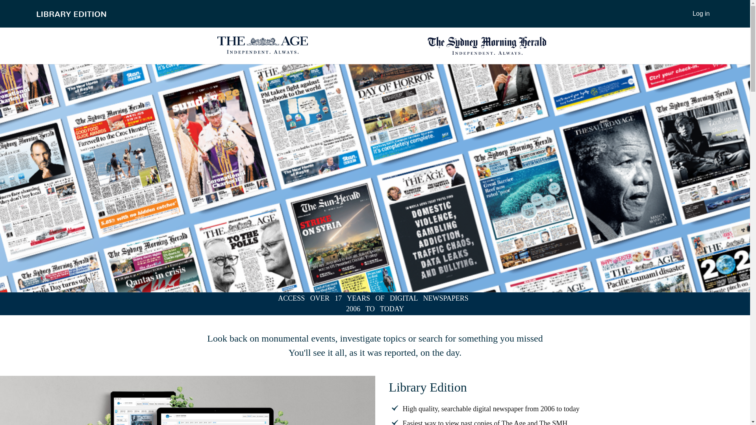 This screenshot has height=425, width=756. I want to click on 'Log in', so click(701, 13).